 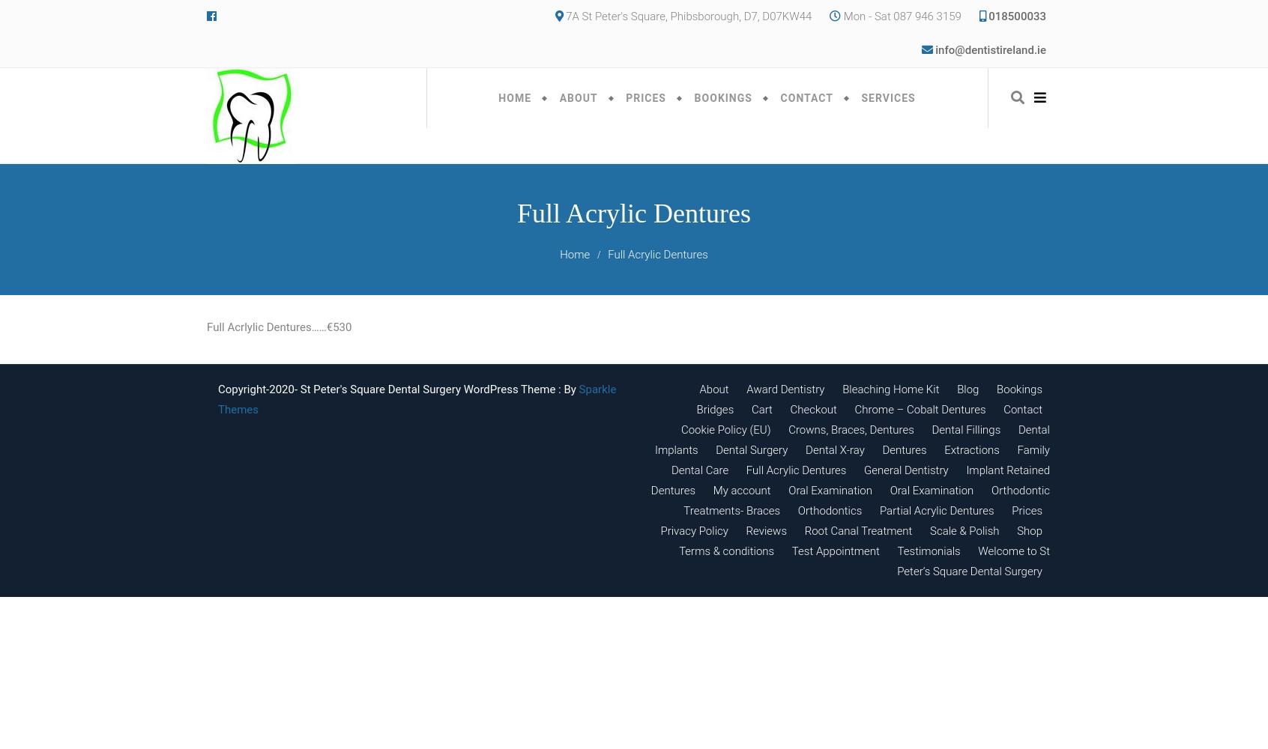 What do you see at coordinates (970, 449) in the screenshot?
I see `'Extractions'` at bounding box center [970, 449].